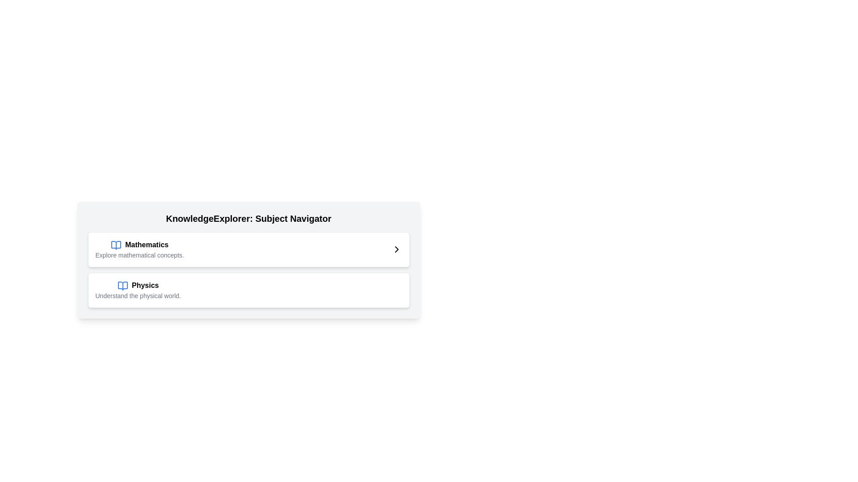 This screenshot has height=482, width=858. What do you see at coordinates (122, 286) in the screenshot?
I see `the 'Physics' topic icon located on the left side of the row, adjacent to the bold text 'Physics' and above the description 'Understand the physical world.'` at bounding box center [122, 286].